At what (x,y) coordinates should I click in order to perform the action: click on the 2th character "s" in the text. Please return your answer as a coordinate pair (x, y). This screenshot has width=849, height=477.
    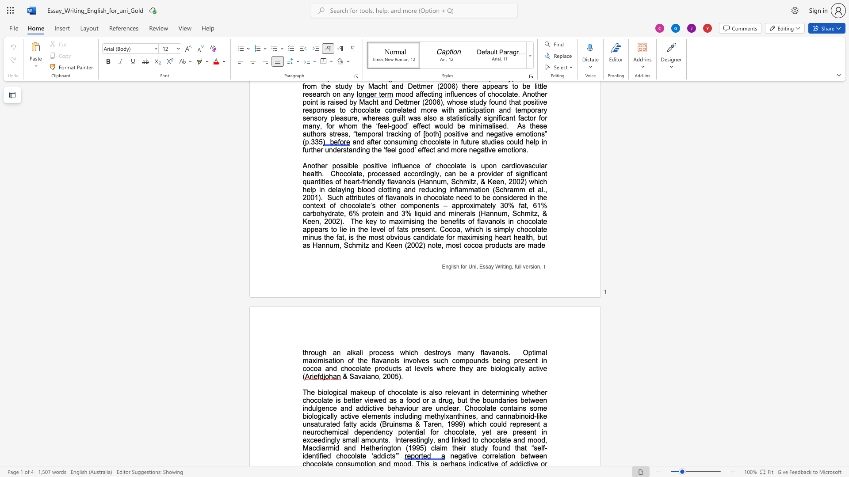
    Looking at the image, I should click on (436, 392).